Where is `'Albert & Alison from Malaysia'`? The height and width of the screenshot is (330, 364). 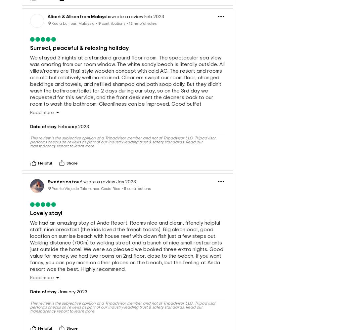 'Albert & Alison from Malaysia' is located at coordinates (47, 6).